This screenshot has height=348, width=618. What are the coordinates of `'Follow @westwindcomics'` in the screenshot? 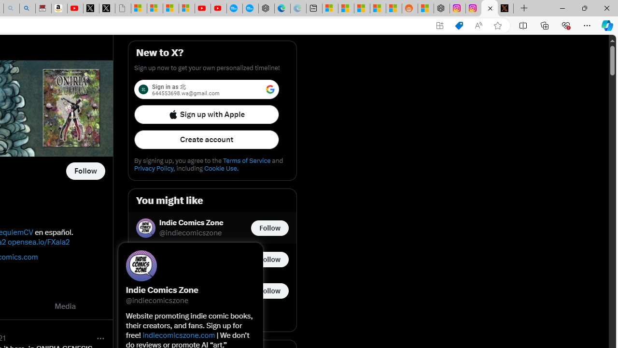 It's located at (85, 171).